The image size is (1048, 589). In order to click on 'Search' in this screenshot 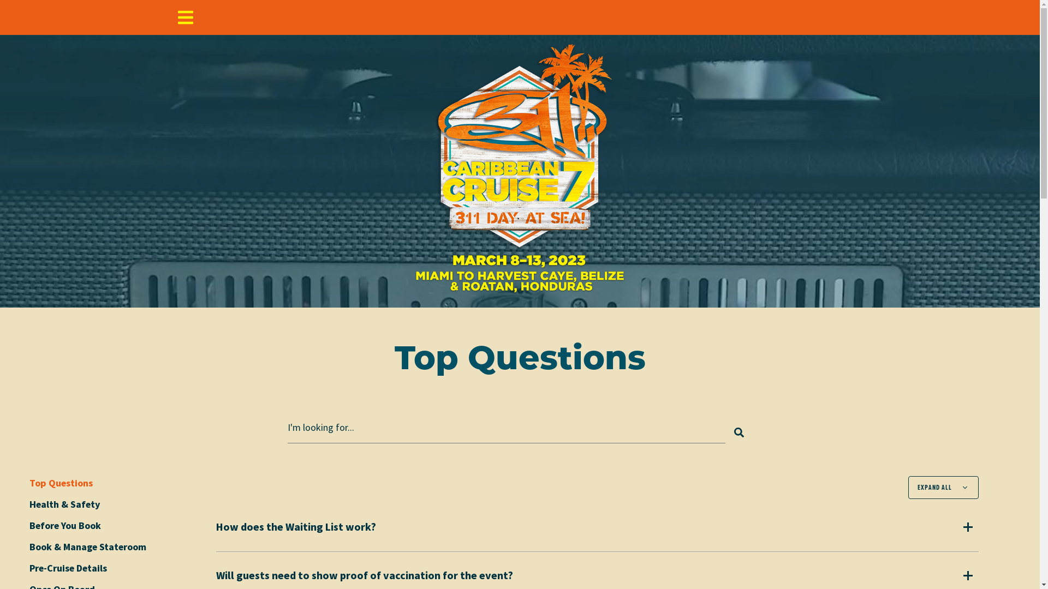, I will do `click(739, 431)`.